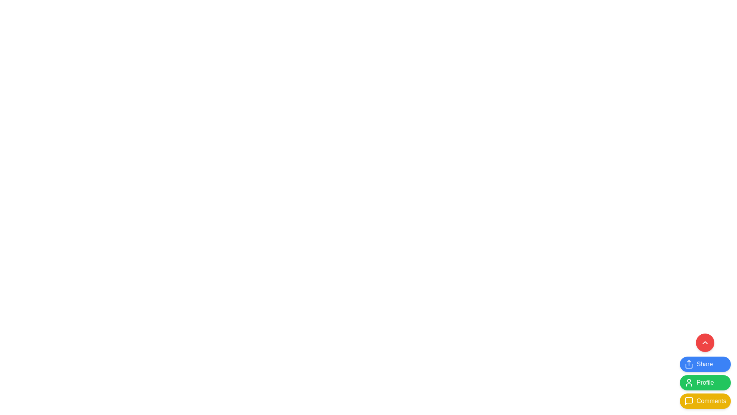 Image resolution: width=737 pixels, height=415 pixels. Describe the element at coordinates (689, 401) in the screenshot. I see `the small, square-shaped SVG icon resembling a chat bubble with a yellow fill and black outline, which is part of the 'Comments' button located at the bottom-right corner of the interface` at that location.